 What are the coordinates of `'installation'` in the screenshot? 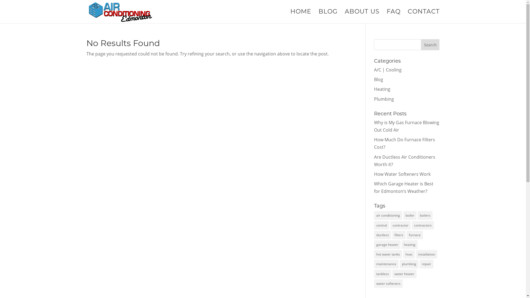 It's located at (426, 254).